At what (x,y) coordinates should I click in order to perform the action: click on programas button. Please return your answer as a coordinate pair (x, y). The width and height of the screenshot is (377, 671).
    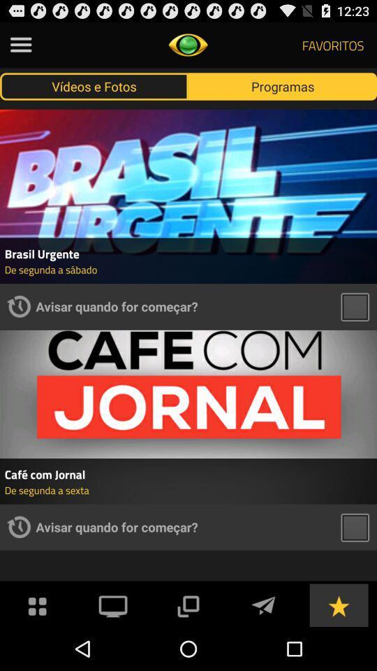
    Looking at the image, I should click on (283, 85).